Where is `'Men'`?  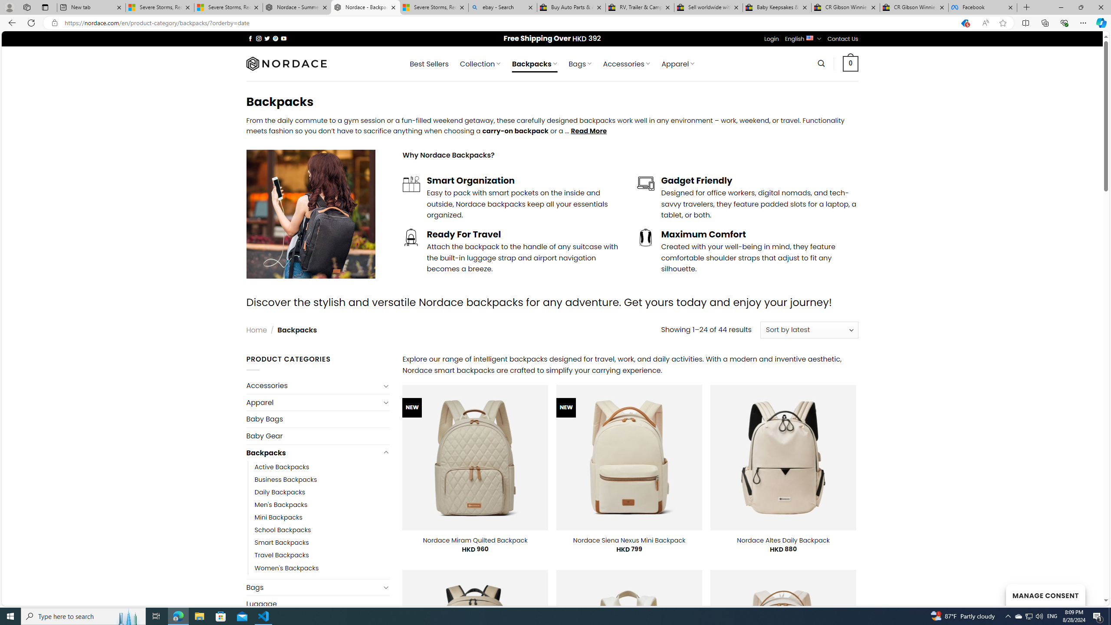 'Men' is located at coordinates (281, 505).